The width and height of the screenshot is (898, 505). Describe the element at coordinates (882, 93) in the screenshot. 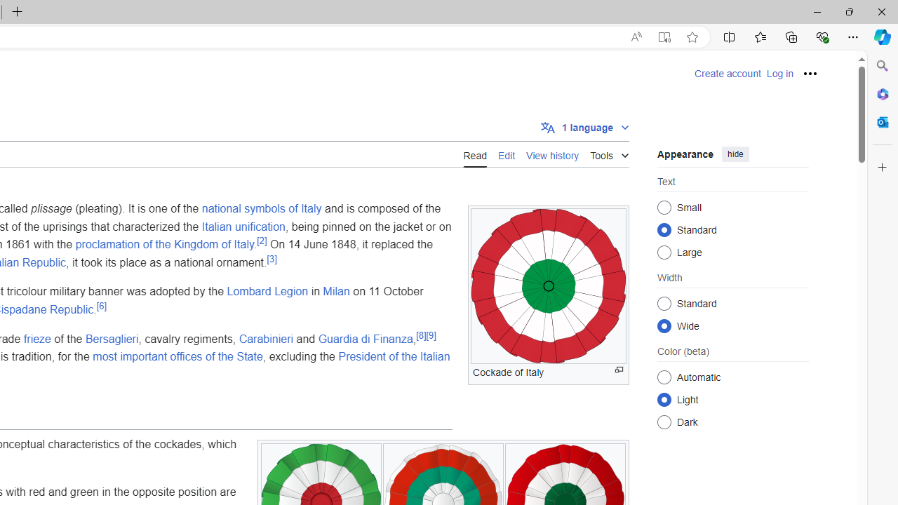

I see `'Microsoft 365'` at that location.